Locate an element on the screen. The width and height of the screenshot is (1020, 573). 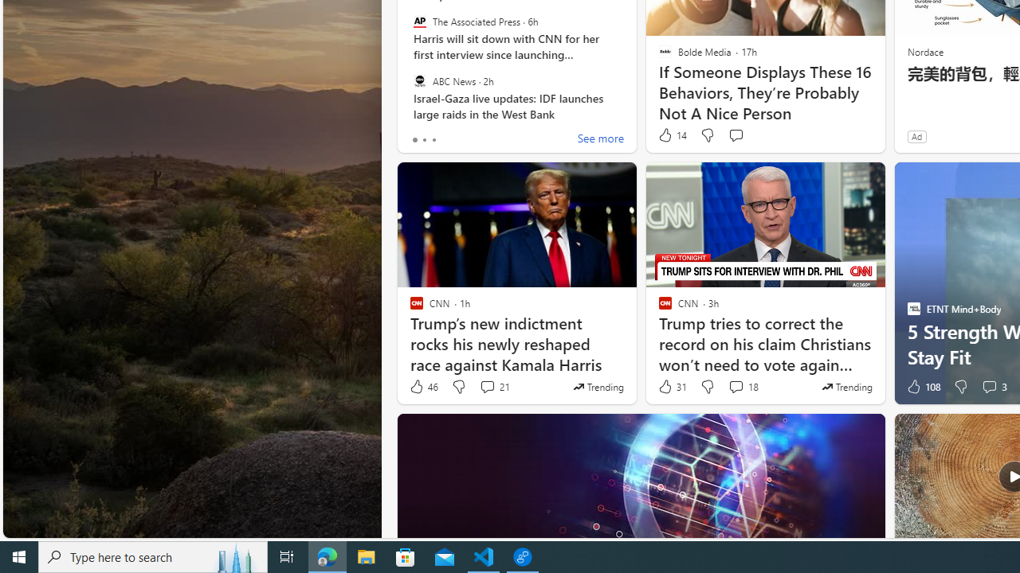
'View comments 3 Comment' is located at coordinates (988, 387).